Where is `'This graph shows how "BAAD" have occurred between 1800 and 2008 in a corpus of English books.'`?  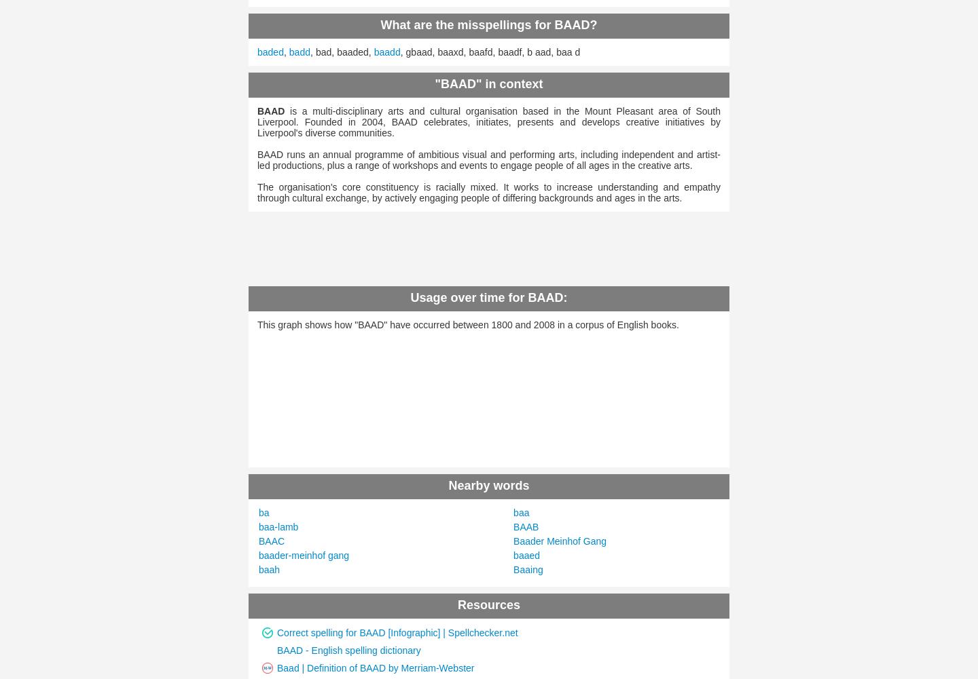
'This graph shows how "BAAD" have occurred between 1800 and 2008 in a corpus of English books.' is located at coordinates (468, 324).